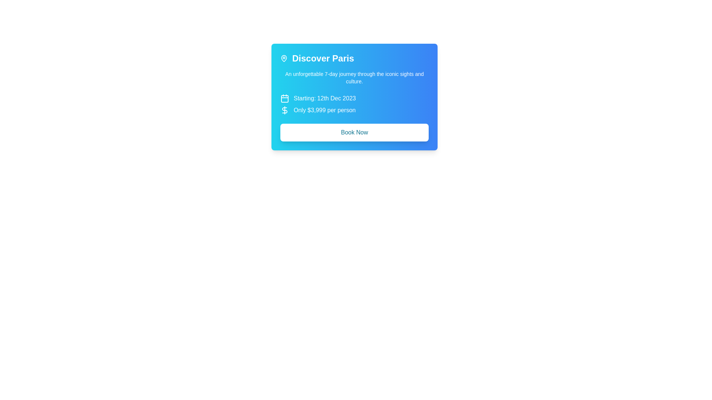  What do you see at coordinates (284, 98) in the screenshot?
I see `the calendar icon that indicates the starting date for the text 'Starting: 12th Dec 2023', located in a card-like section for a tour` at bounding box center [284, 98].